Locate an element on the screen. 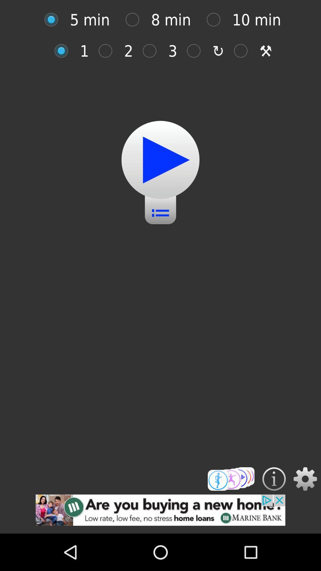 This screenshot has width=321, height=571. next is located at coordinates (160, 160).